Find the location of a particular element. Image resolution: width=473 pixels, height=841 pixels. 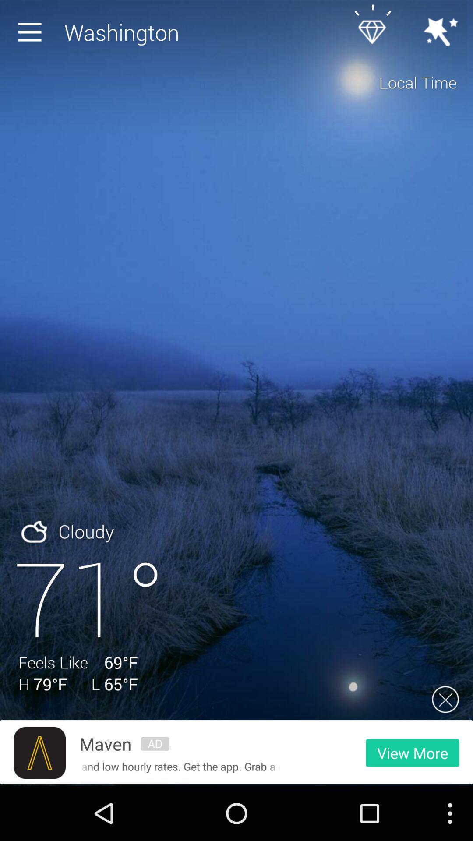

the sliders icon is located at coordinates (155, 796).